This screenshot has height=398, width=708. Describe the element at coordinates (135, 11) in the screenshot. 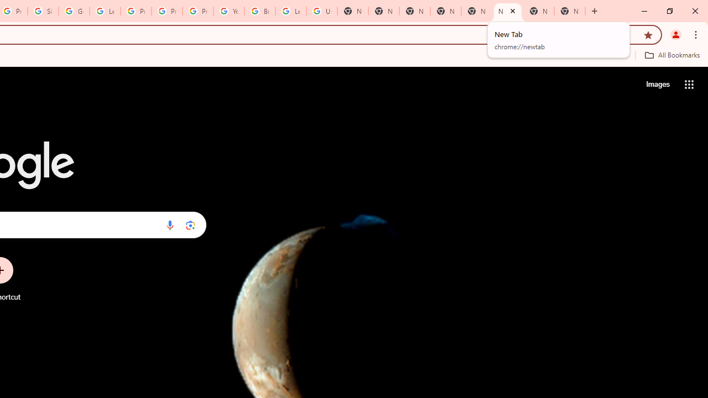

I see `'Privacy Help Center - Policies Help'` at that location.